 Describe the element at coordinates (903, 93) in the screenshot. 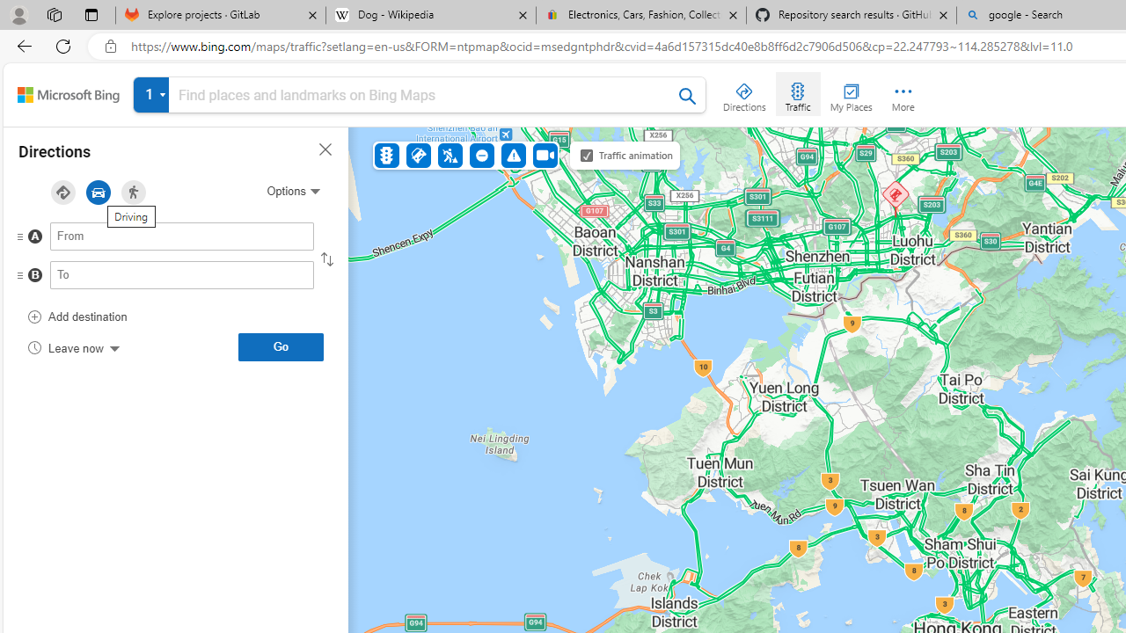

I see `'More'` at that location.